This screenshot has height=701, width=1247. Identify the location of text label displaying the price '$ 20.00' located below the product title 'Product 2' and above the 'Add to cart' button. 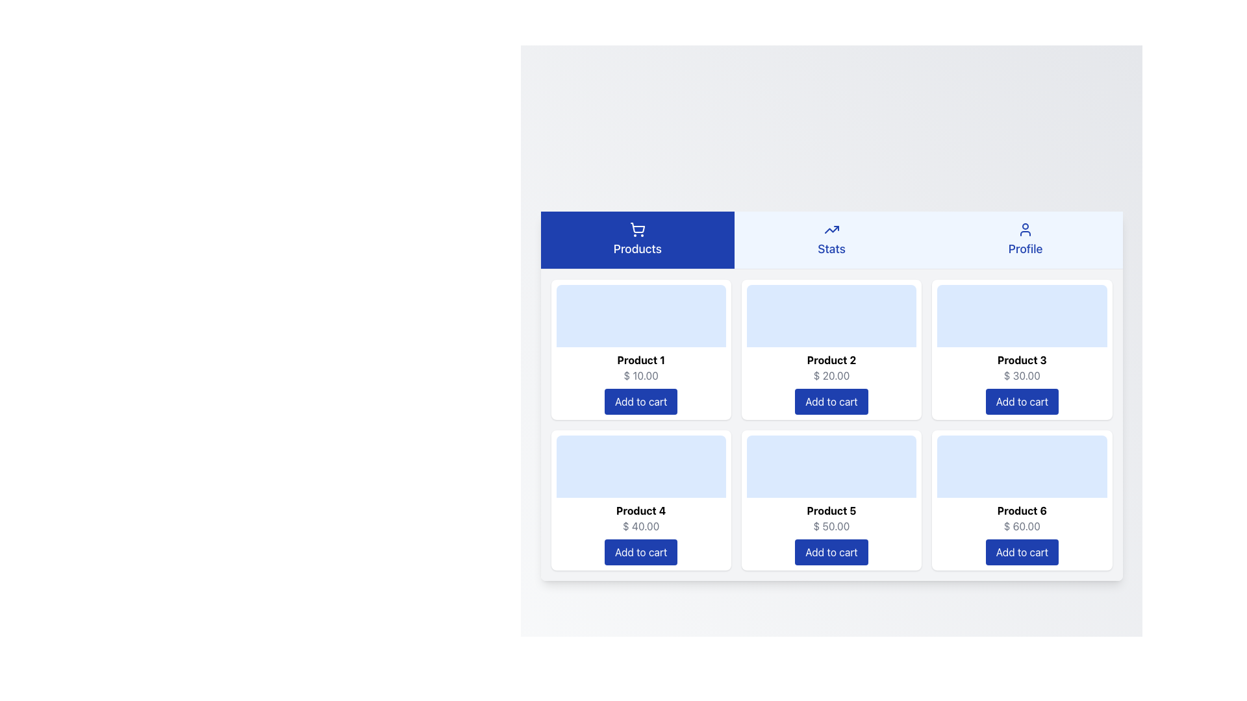
(831, 375).